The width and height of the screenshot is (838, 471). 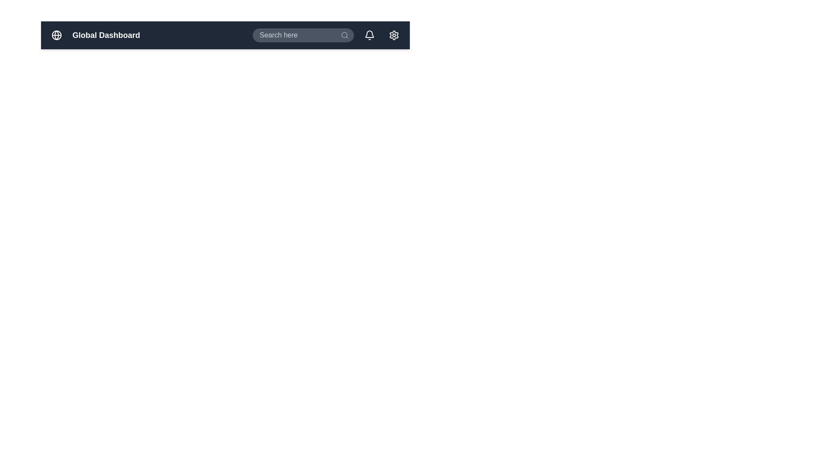 I want to click on the input field to focus it for typing a search query, so click(x=303, y=35).